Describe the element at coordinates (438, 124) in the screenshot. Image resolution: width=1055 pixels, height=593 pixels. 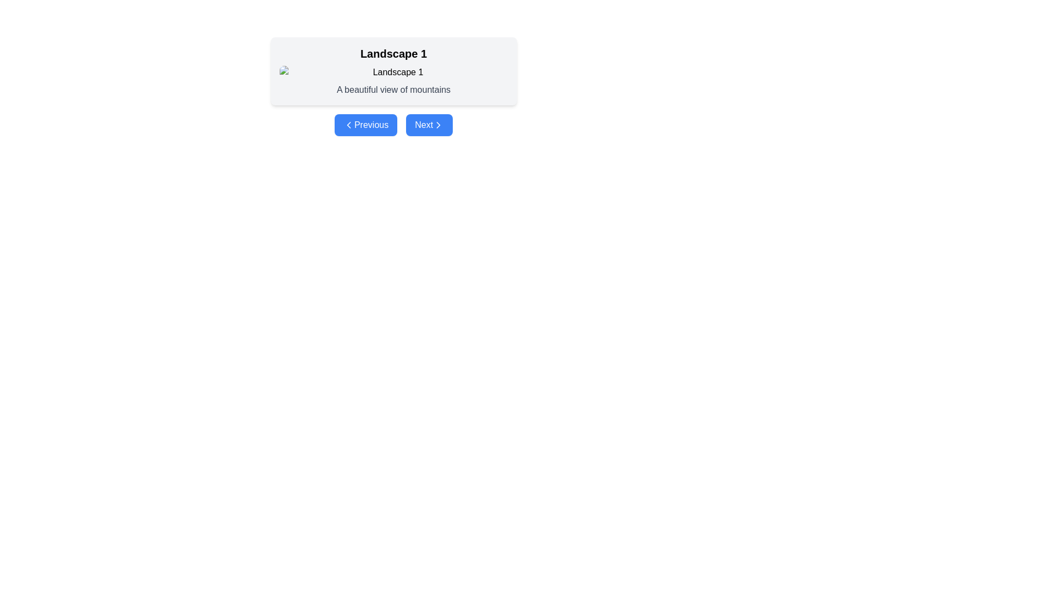
I see `the icon located on the far-right edge of the 'Next' button in the navigation panel below 'Landscape 1'` at that location.